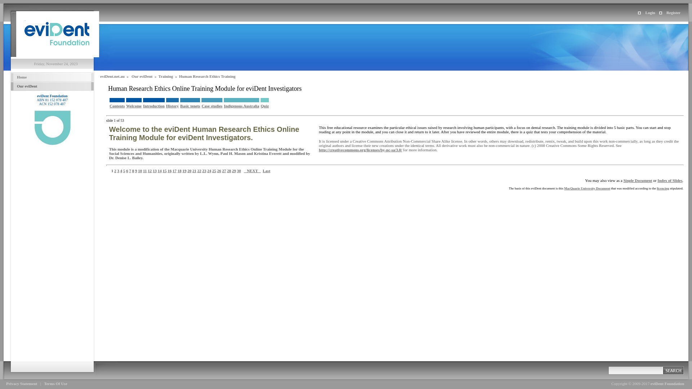  Describe the element at coordinates (647, 12) in the screenshot. I see `'Login'` at that location.